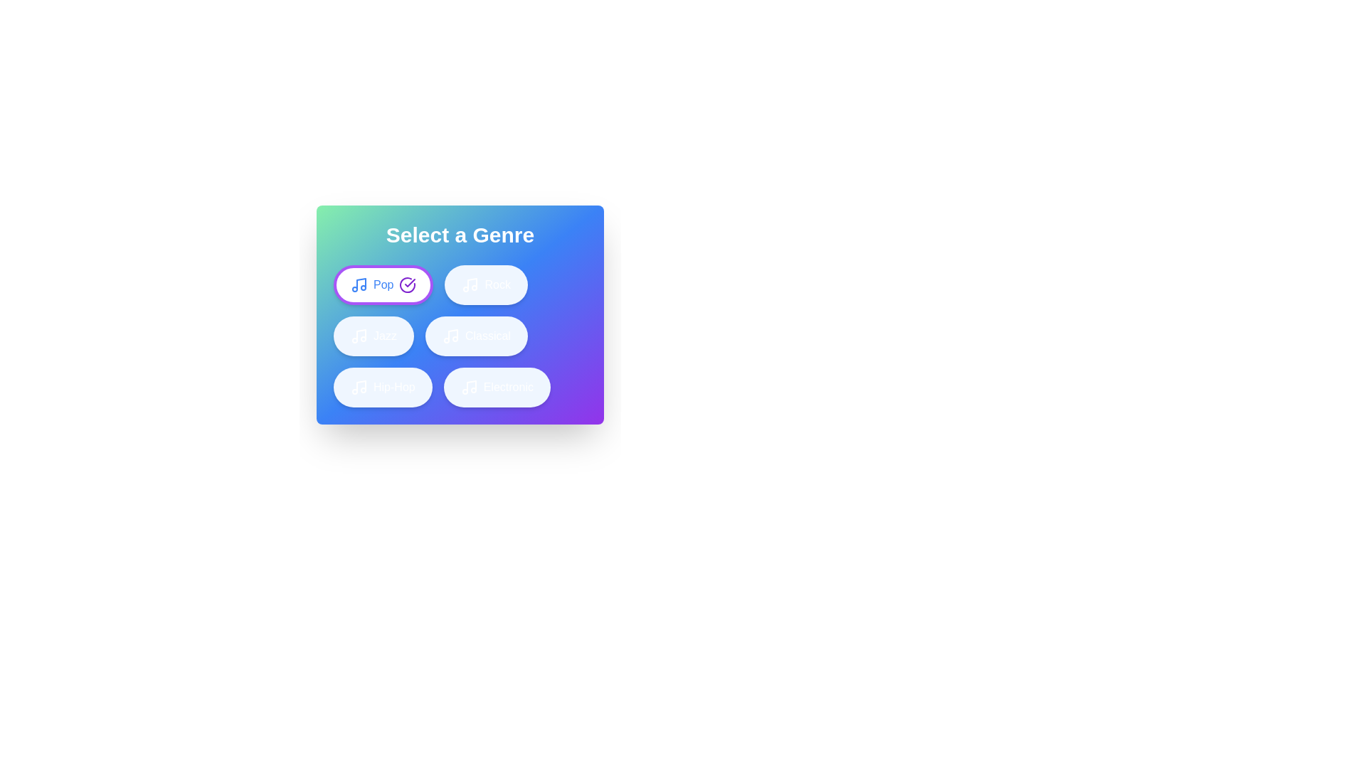 The width and height of the screenshot is (1366, 768). I want to click on the vertical line segment resembling a music note's stem, which is part of the 'Classical' option in the genre selection grid, so click(452, 335).